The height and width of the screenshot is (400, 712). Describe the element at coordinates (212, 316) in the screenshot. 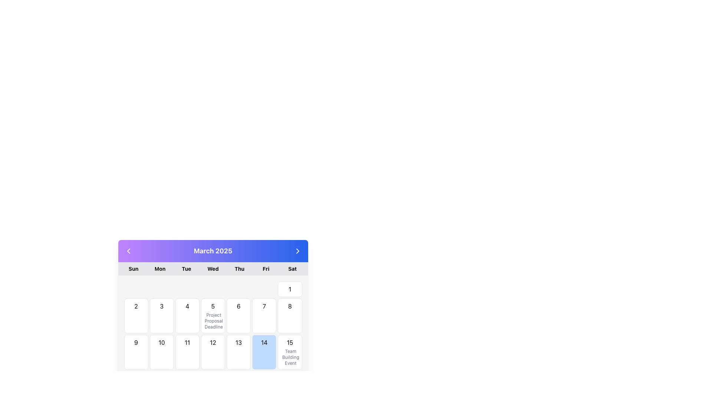

I see `the calendar cell representing the date '5th March 2025'` at that location.